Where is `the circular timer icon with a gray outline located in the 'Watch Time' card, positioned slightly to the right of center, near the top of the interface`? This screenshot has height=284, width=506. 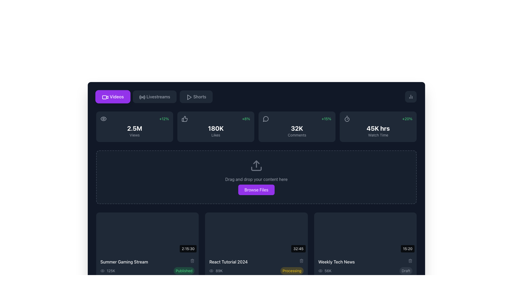
the circular timer icon with a gray outline located in the 'Watch Time' card, positioned slightly to the right of center, near the top of the interface is located at coordinates (347, 119).